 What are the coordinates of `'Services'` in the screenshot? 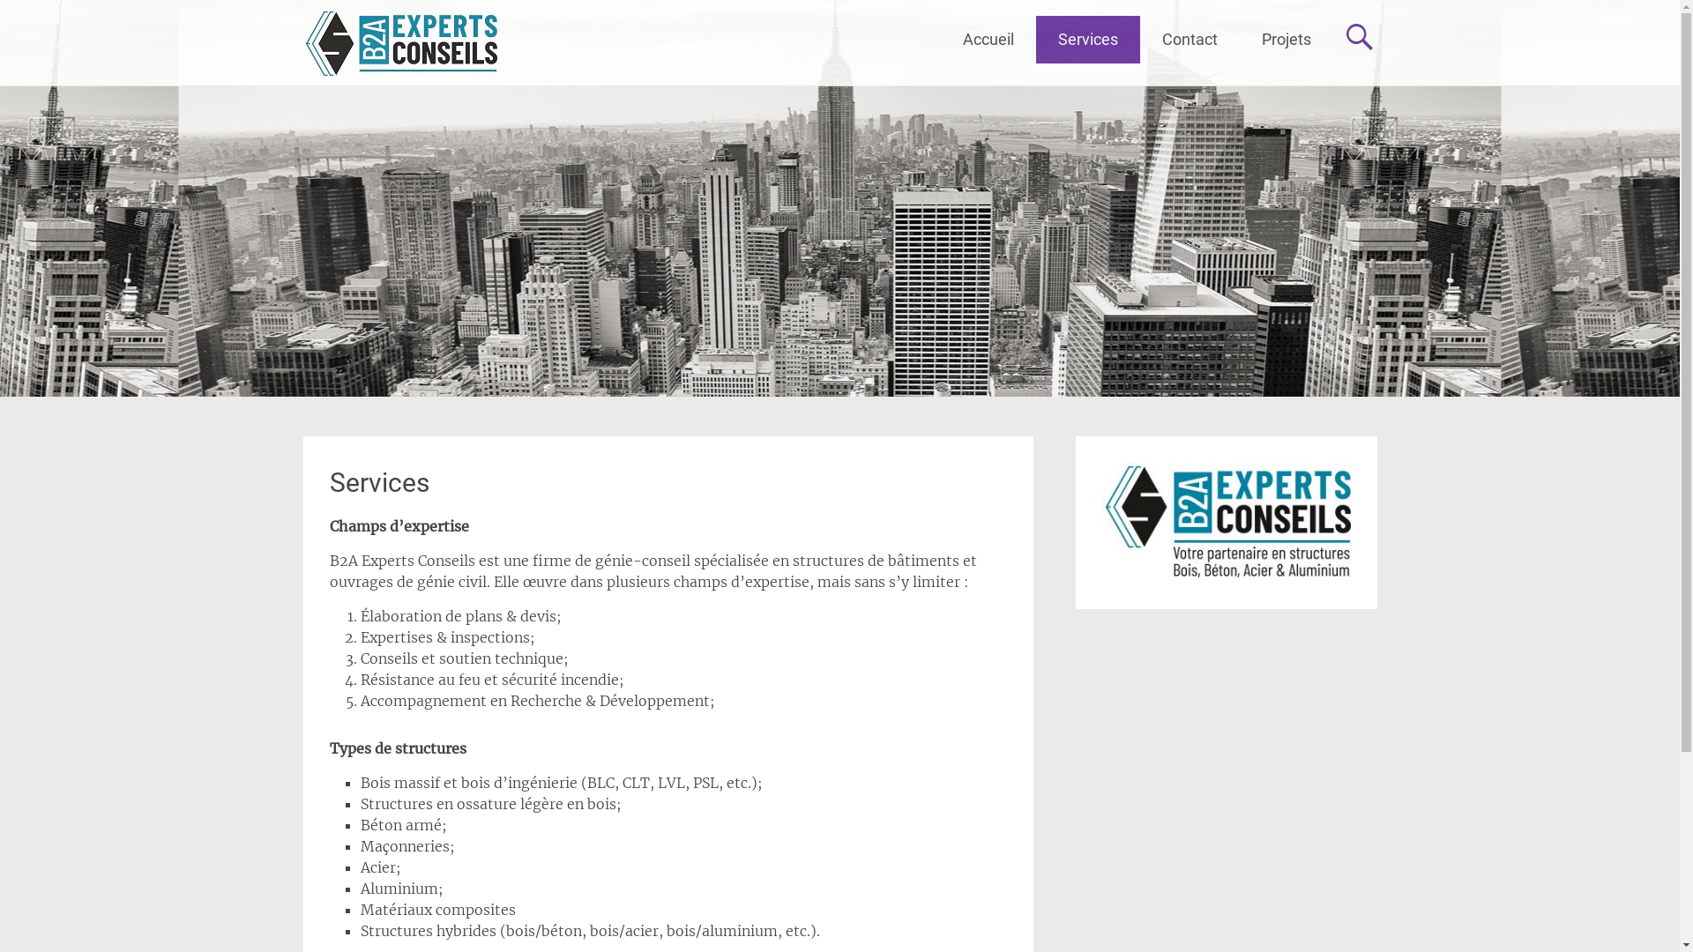 It's located at (1086, 40).